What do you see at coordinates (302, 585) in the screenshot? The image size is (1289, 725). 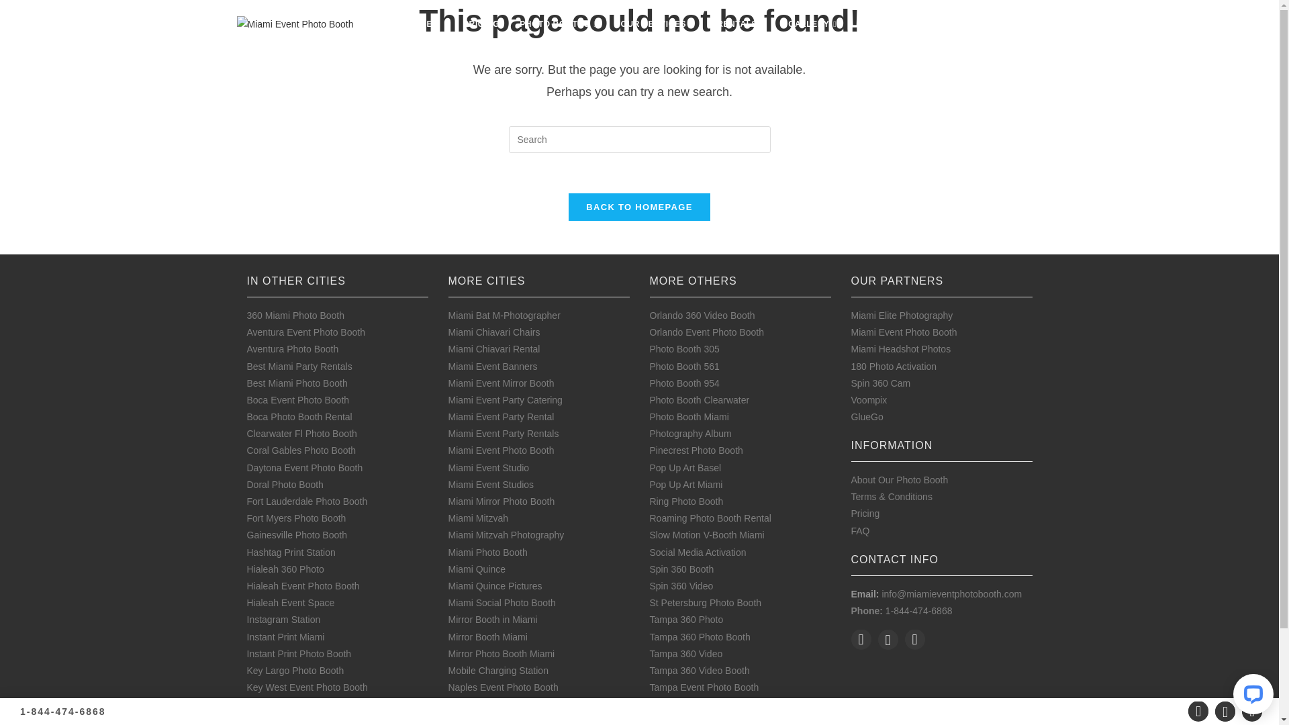 I see `'Hialeah Event Photo Booth'` at bounding box center [302, 585].